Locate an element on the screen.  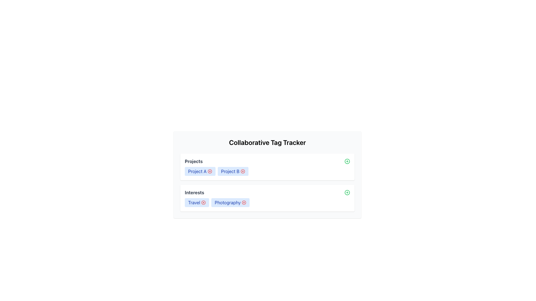
the non-interactive decorative text element that serves as the header for the 'Projects' section is located at coordinates (194, 161).